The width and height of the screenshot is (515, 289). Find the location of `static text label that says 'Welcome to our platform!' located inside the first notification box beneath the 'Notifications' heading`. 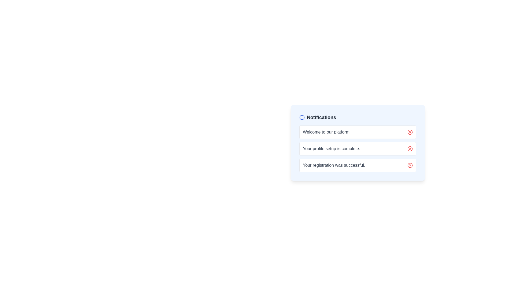

static text label that says 'Welcome to our platform!' located inside the first notification box beneath the 'Notifications' heading is located at coordinates (326, 132).